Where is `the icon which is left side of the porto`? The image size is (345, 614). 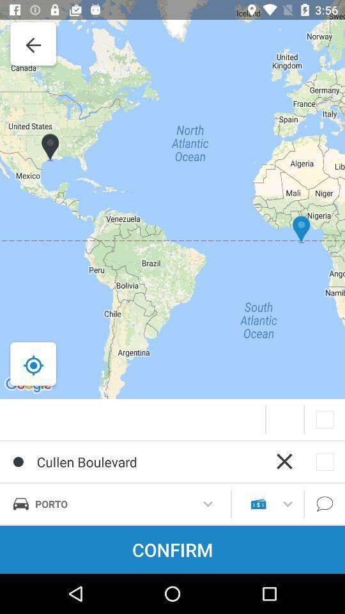
the icon which is left side of the porto is located at coordinates (20, 503).